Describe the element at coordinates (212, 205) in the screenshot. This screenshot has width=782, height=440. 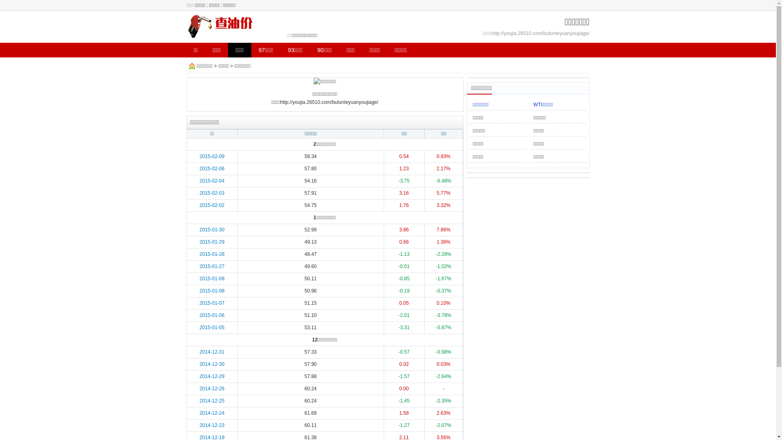
I see `'2015-02-02'` at that location.